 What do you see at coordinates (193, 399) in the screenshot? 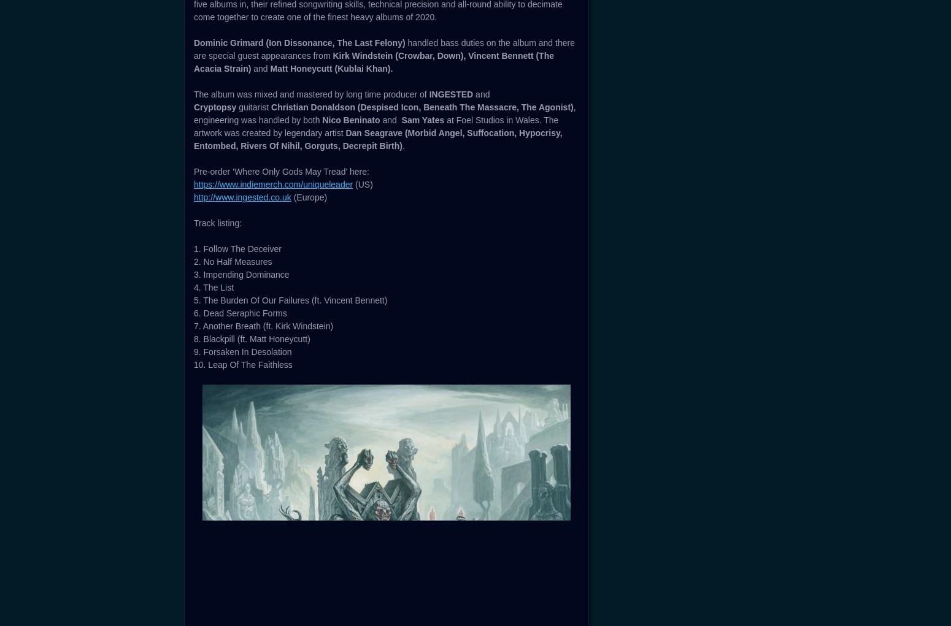
I see `'Dominic Grimard (Ion Dissonance, The Last Felony)'` at bounding box center [193, 399].